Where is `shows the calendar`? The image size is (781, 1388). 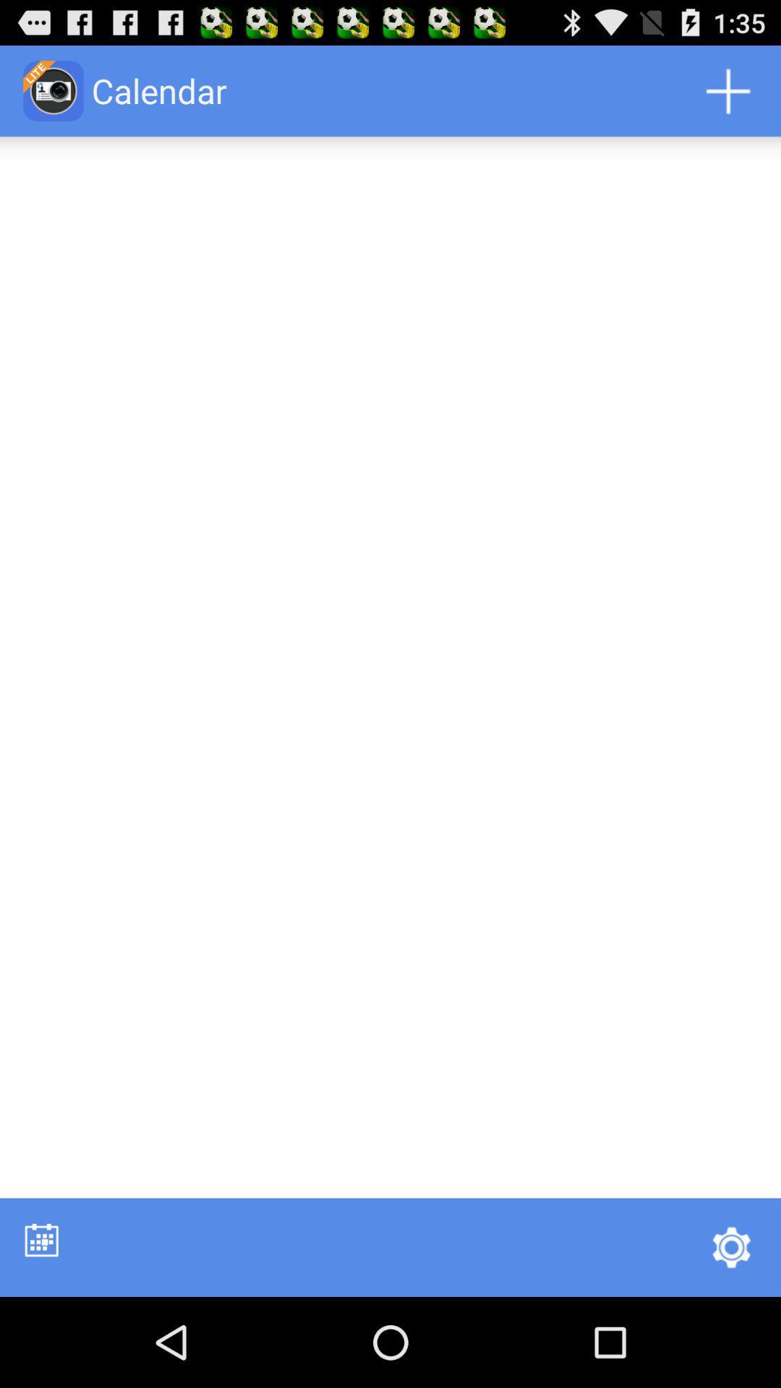 shows the calendar is located at coordinates (40, 1239).